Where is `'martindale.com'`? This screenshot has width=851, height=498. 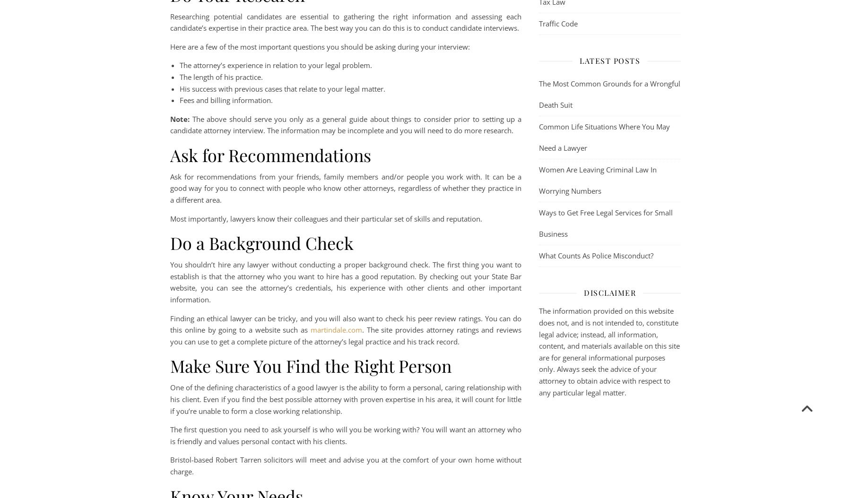 'martindale.com' is located at coordinates (335, 329).